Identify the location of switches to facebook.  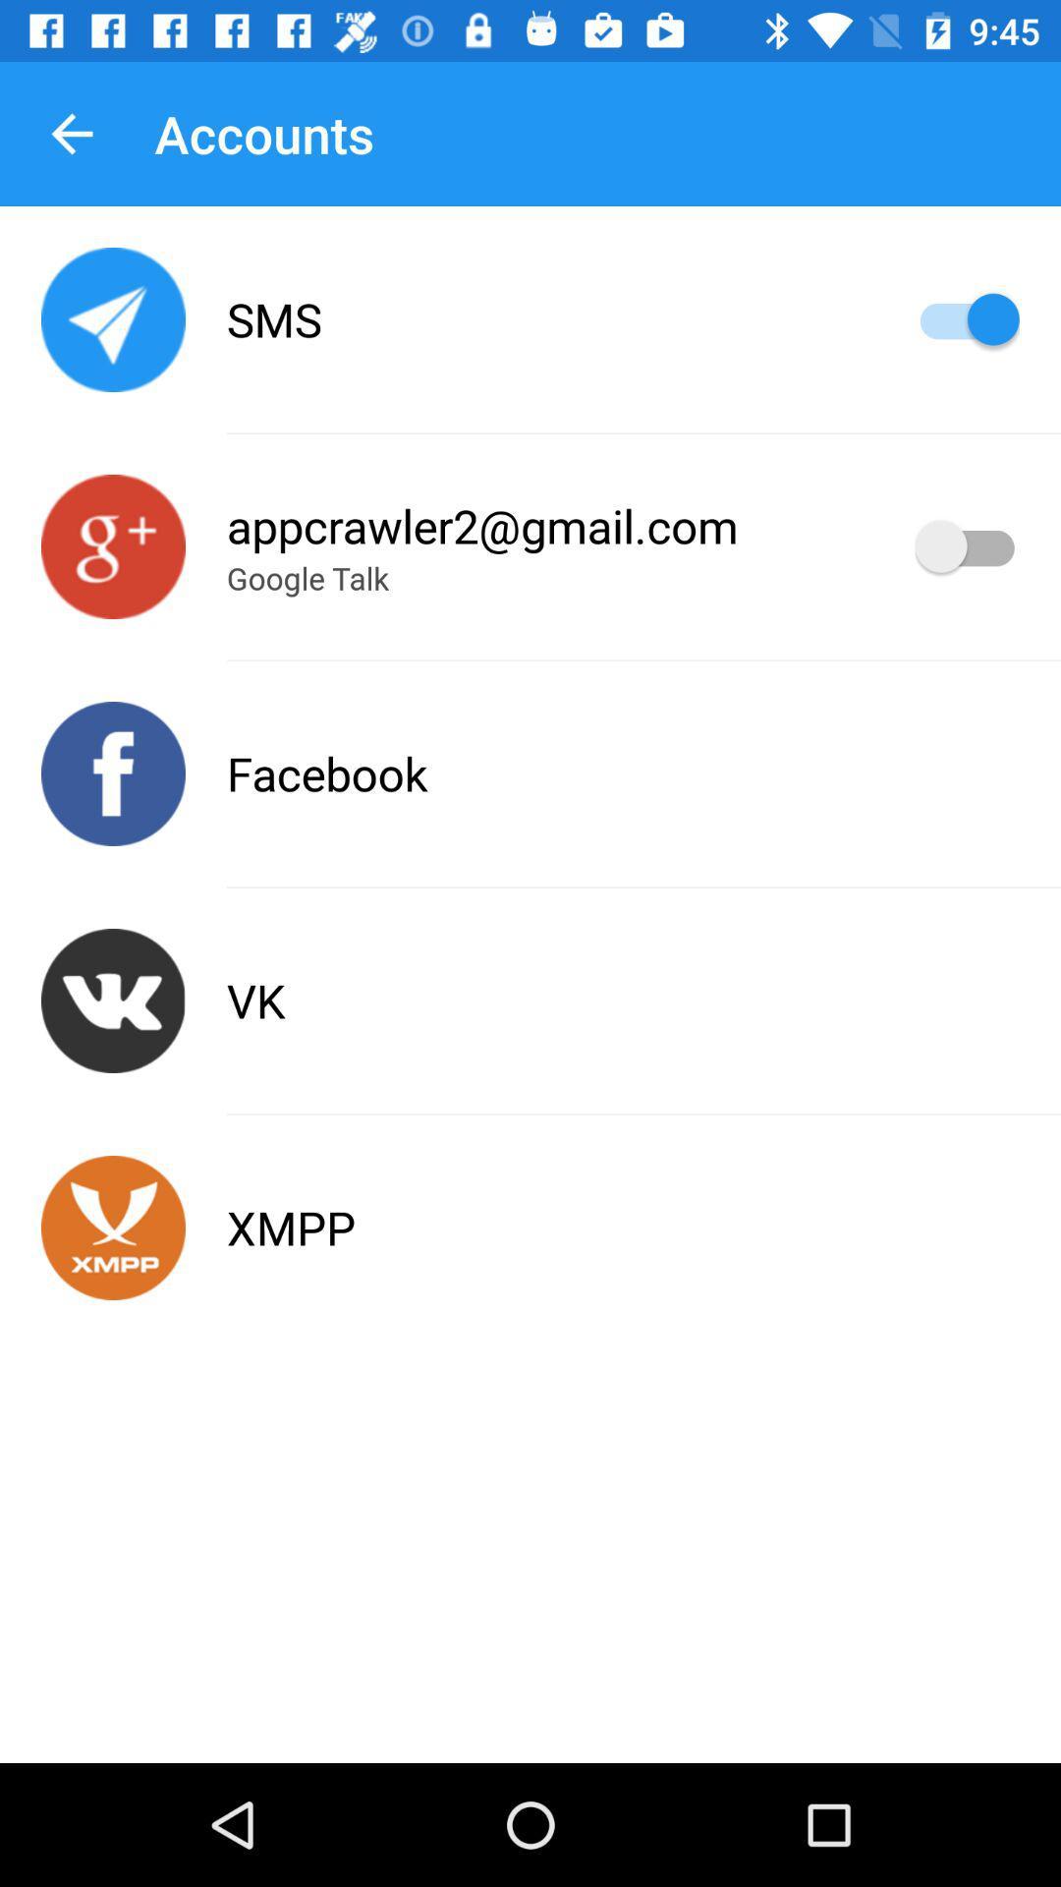
(113, 772).